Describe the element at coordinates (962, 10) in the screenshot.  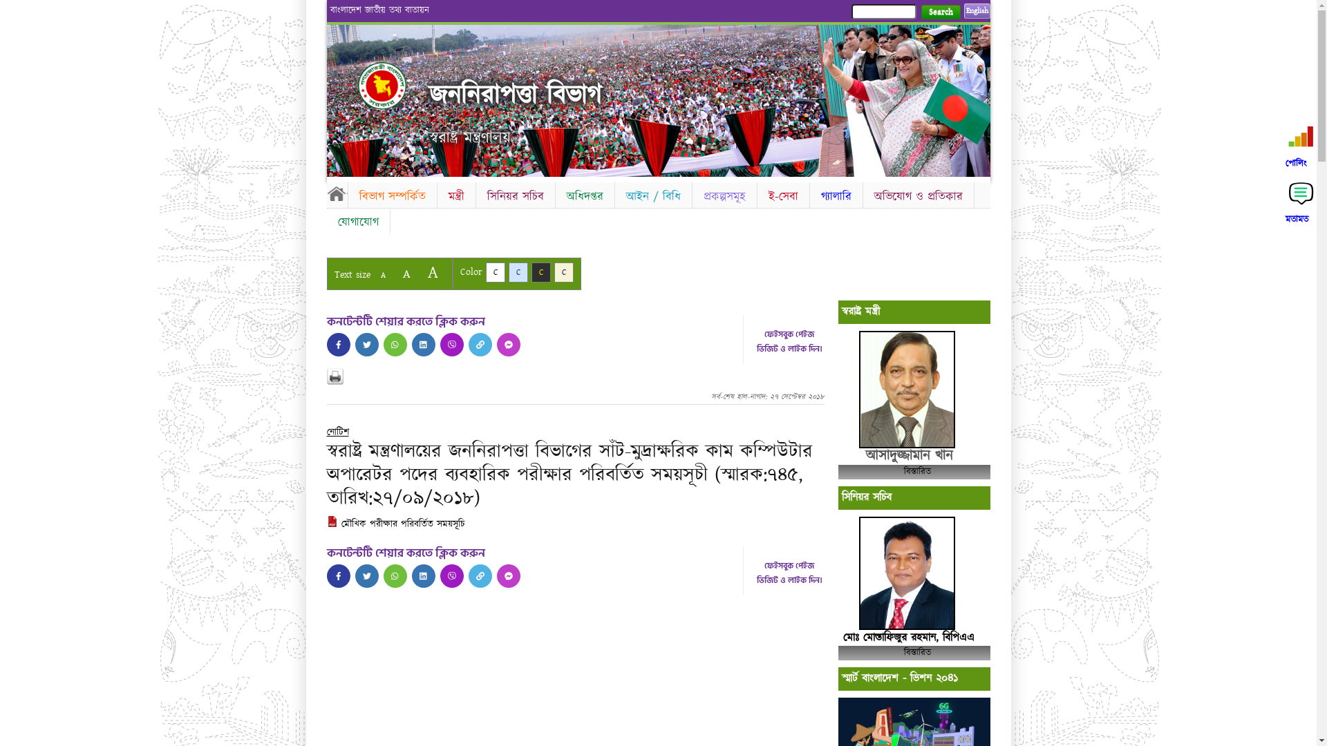
I see `'English'` at that location.